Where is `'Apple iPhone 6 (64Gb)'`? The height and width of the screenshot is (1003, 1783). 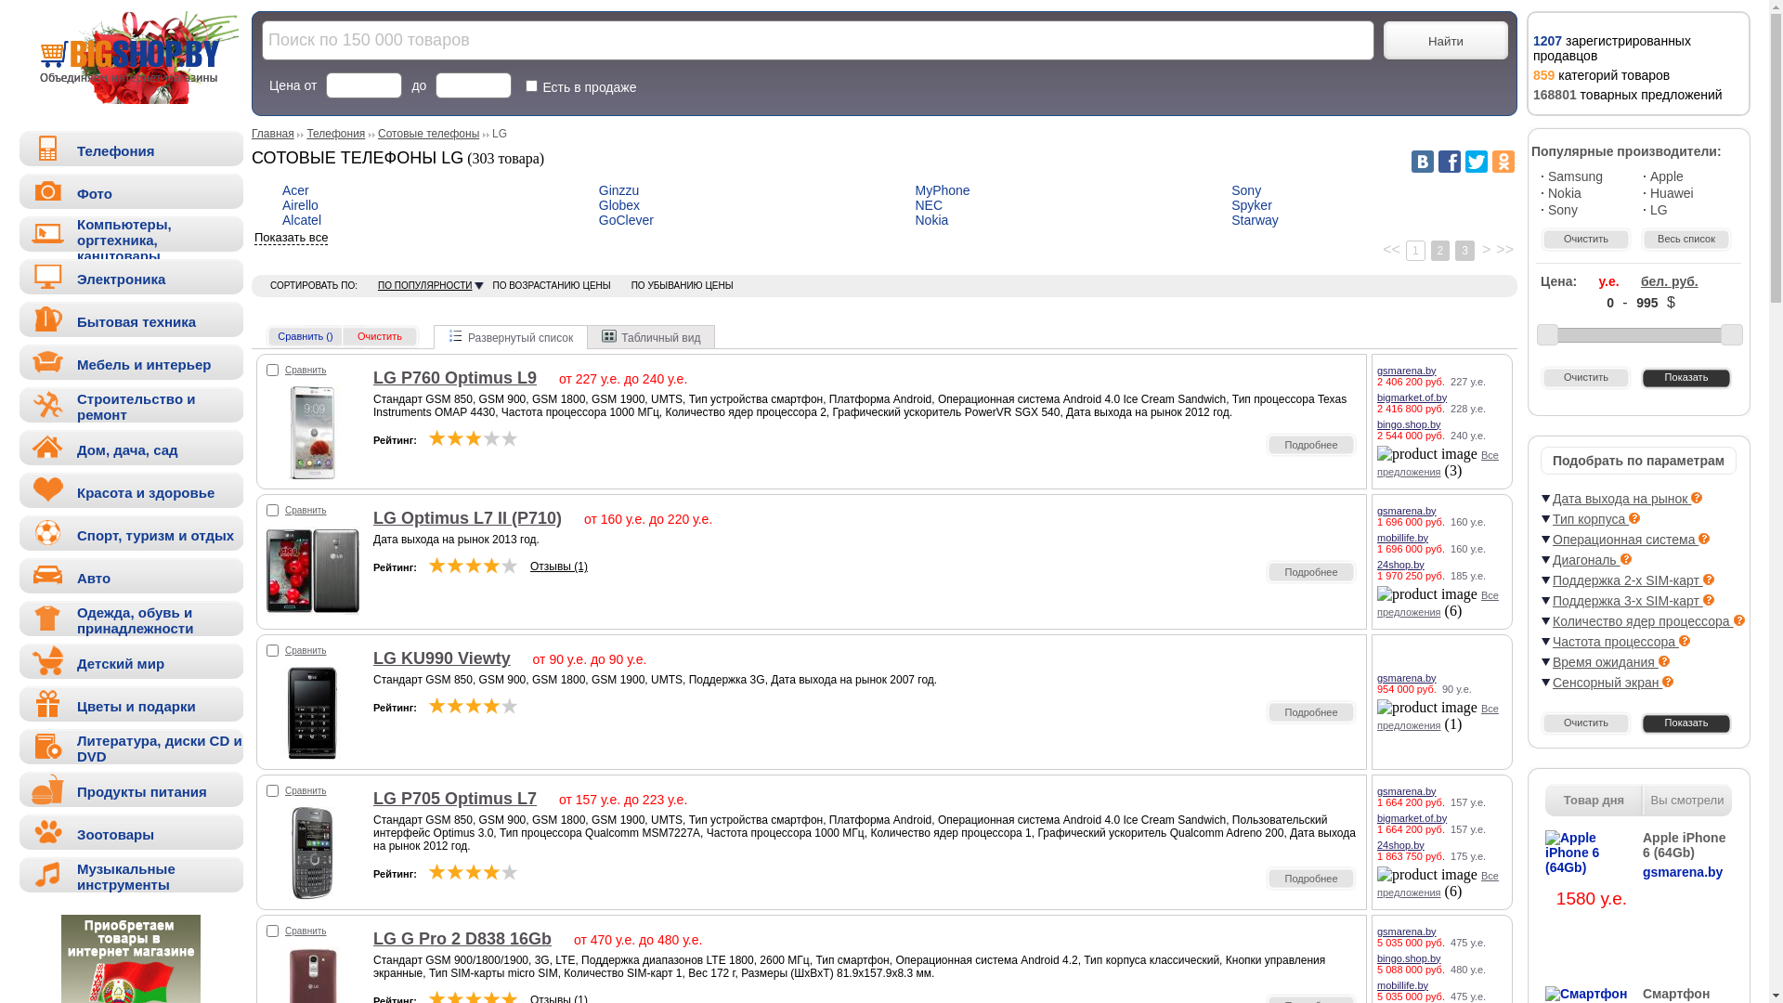 'Apple iPhone 6 (64Gb)' is located at coordinates (1687, 845).